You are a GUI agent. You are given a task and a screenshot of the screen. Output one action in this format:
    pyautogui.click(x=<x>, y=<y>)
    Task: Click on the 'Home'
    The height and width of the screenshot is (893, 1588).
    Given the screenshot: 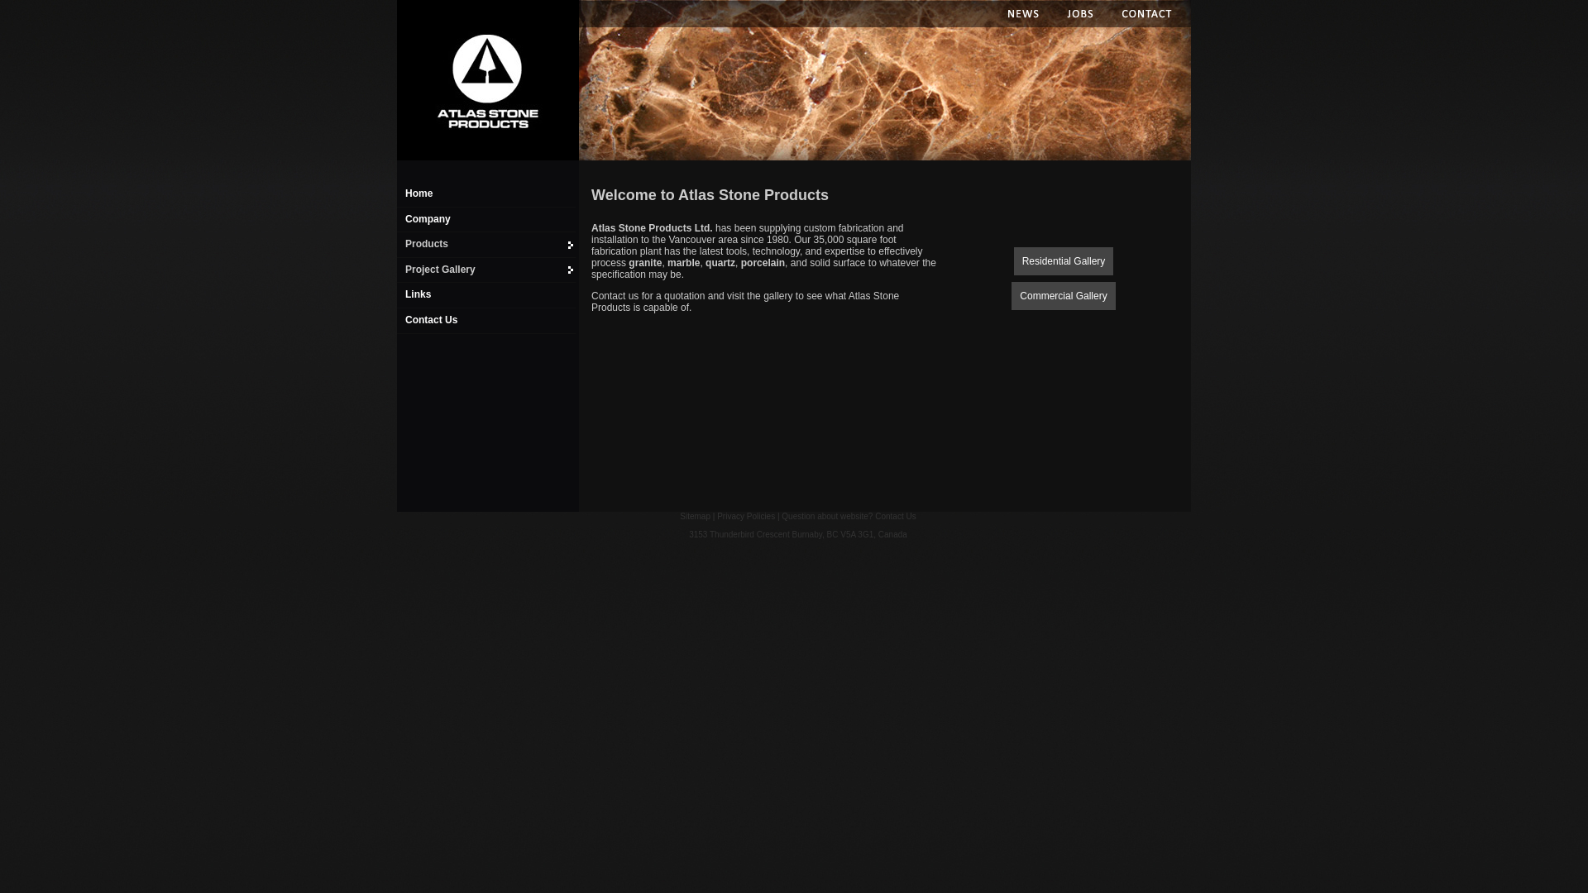 What is the action you would take?
    pyautogui.click(x=419, y=193)
    